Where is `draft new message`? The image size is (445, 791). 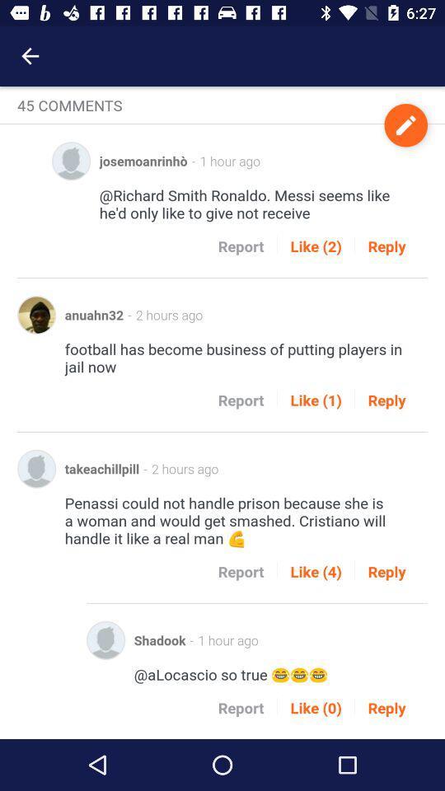
draft new message is located at coordinates (405, 124).